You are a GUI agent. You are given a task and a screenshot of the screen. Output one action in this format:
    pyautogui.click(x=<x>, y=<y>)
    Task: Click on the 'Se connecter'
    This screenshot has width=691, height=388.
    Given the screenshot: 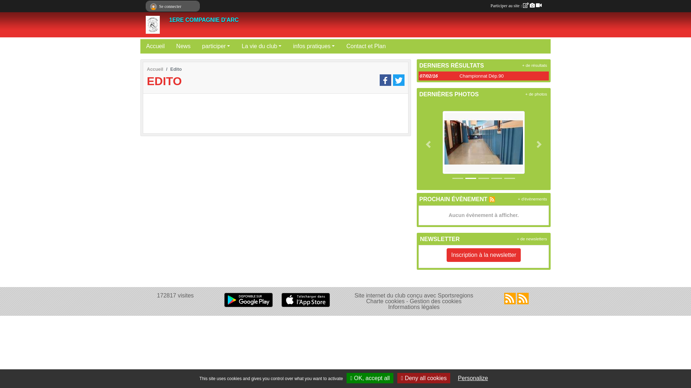 What is the action you would take?
    pyautogui.click(x=173, y=6)
    